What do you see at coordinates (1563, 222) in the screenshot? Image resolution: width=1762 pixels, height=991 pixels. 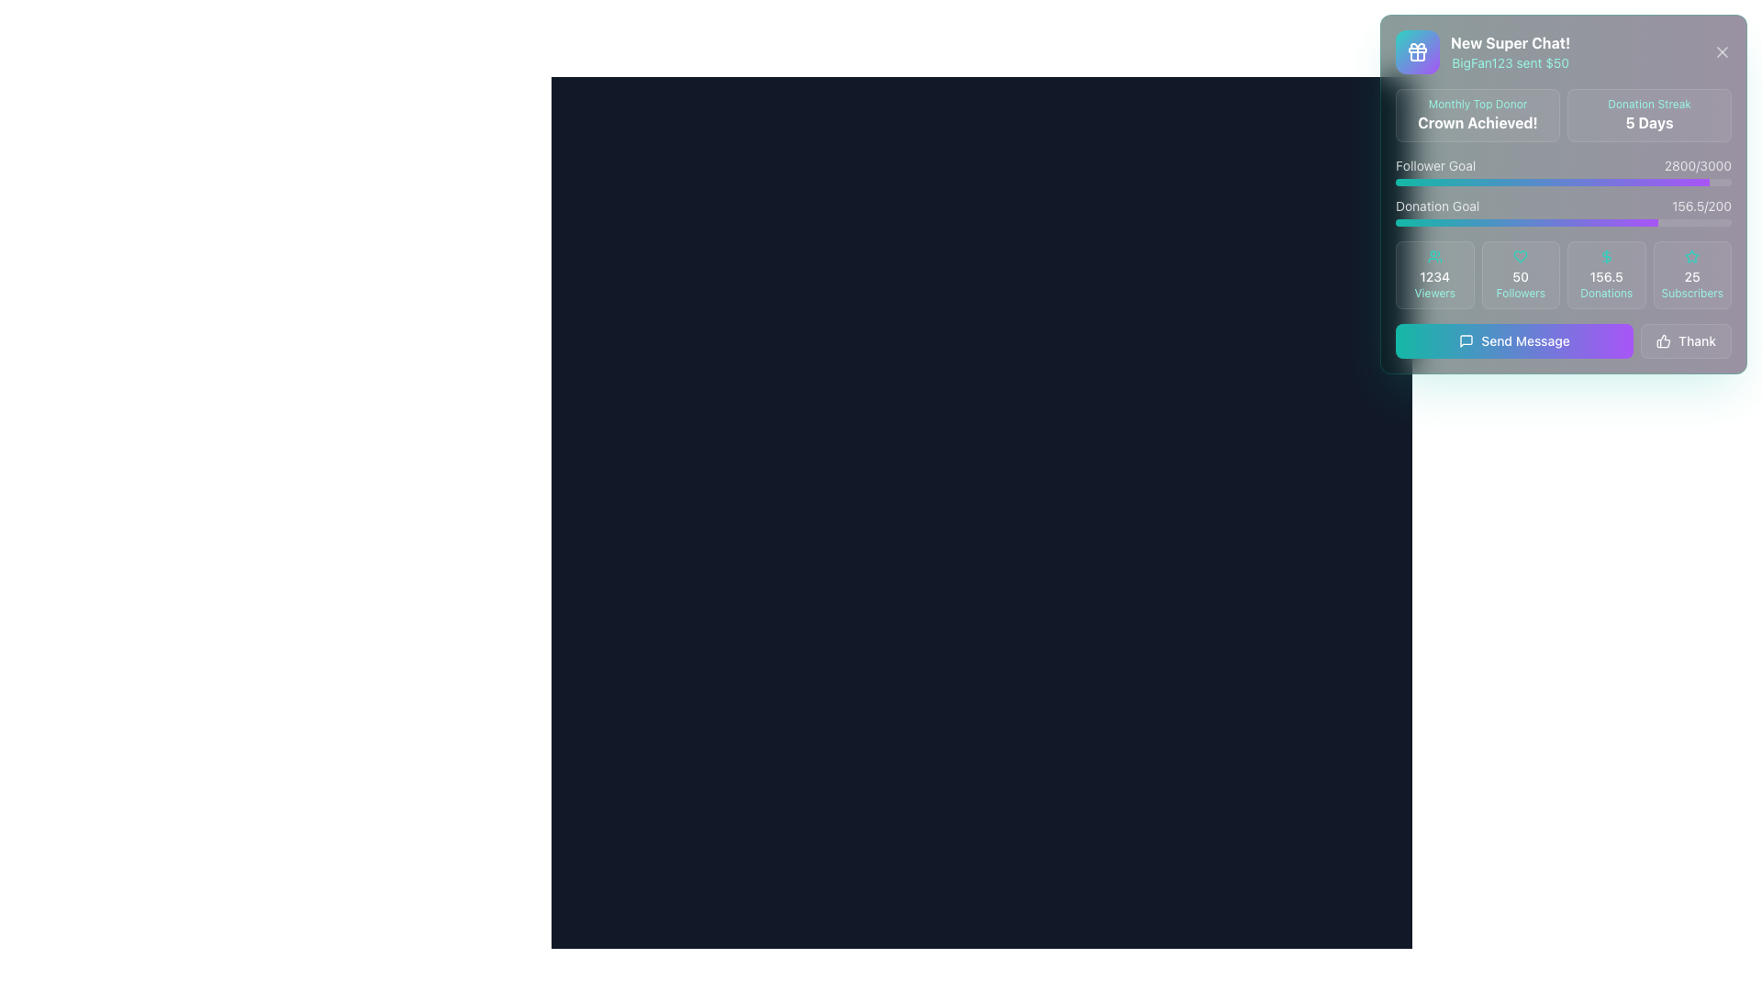 I see `the Progress Bar located beneath the 'Donation Goal 156.5/200' label, which features a colorful gradient fill and rounded ends` at bounding box center [1563, 222].